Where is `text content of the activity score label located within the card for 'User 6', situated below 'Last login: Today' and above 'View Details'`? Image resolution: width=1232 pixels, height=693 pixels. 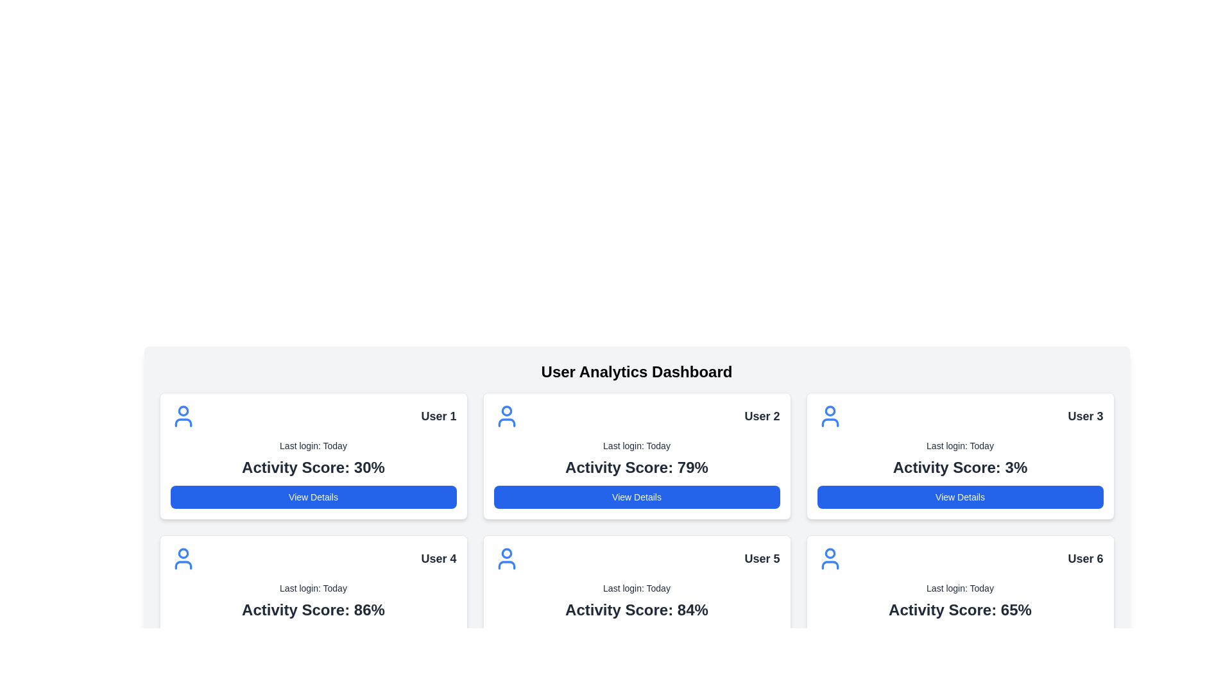
text content of the activity score label located within the card for 'User 6', situated below 'Last login: Today' and above 'View Details' is located at coordinates (960, 610).